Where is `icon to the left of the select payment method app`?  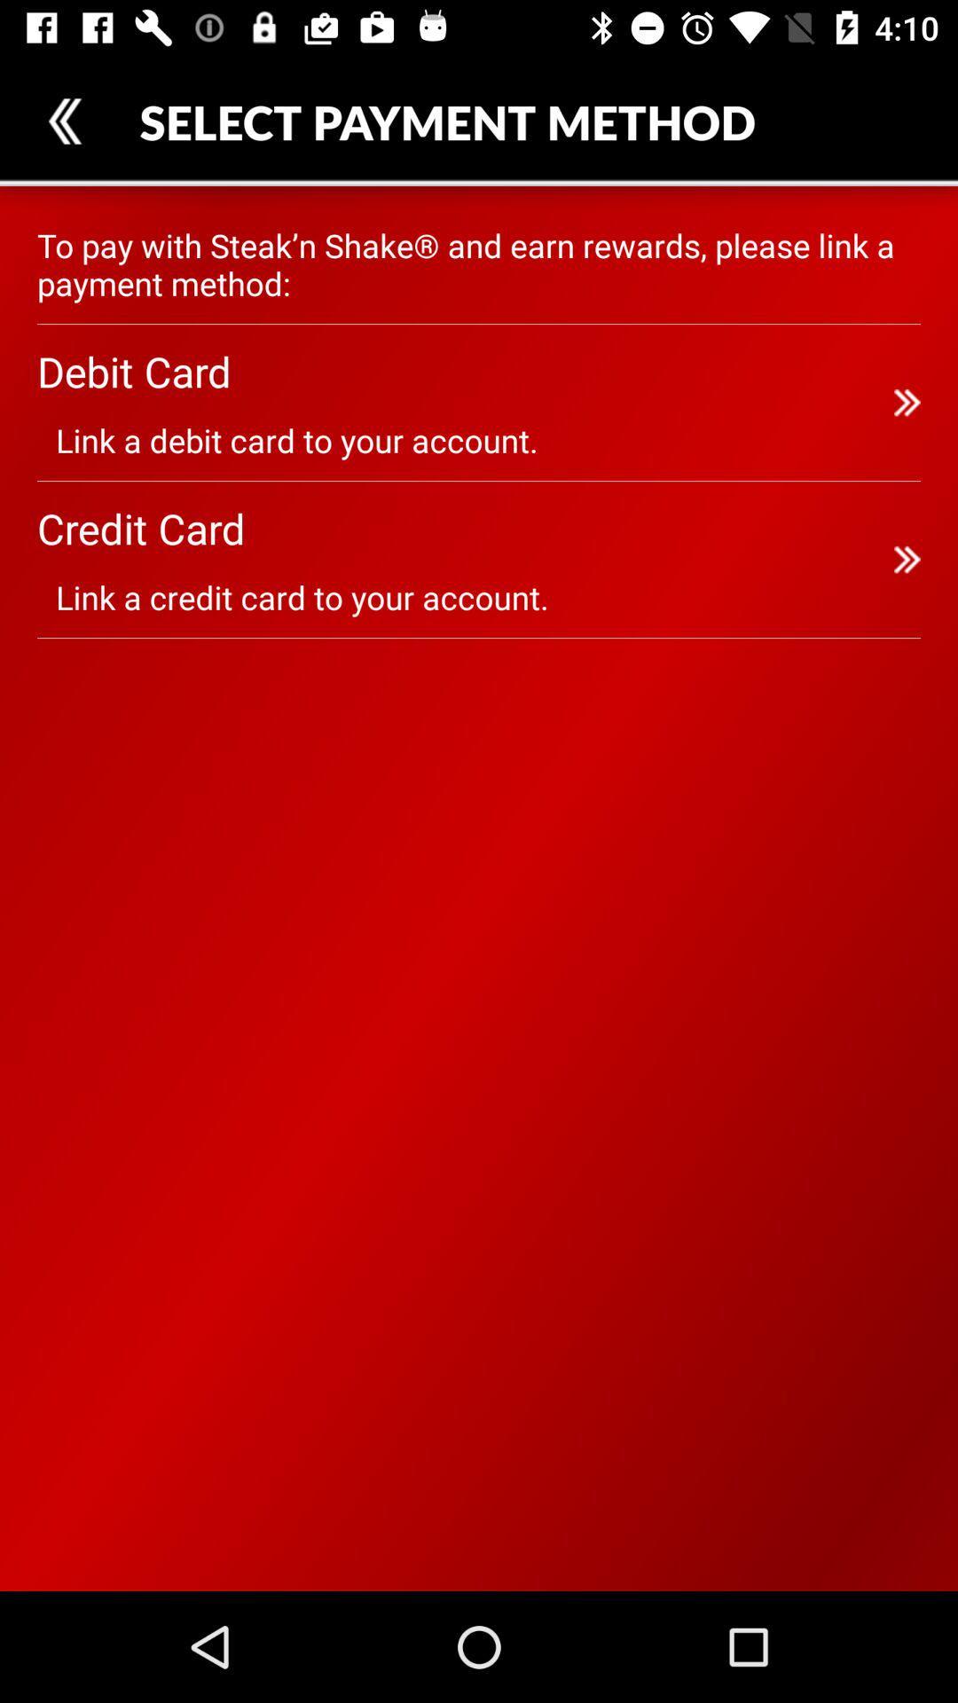
icon to the left of the select payment method app is located at coordinates (64, 120).